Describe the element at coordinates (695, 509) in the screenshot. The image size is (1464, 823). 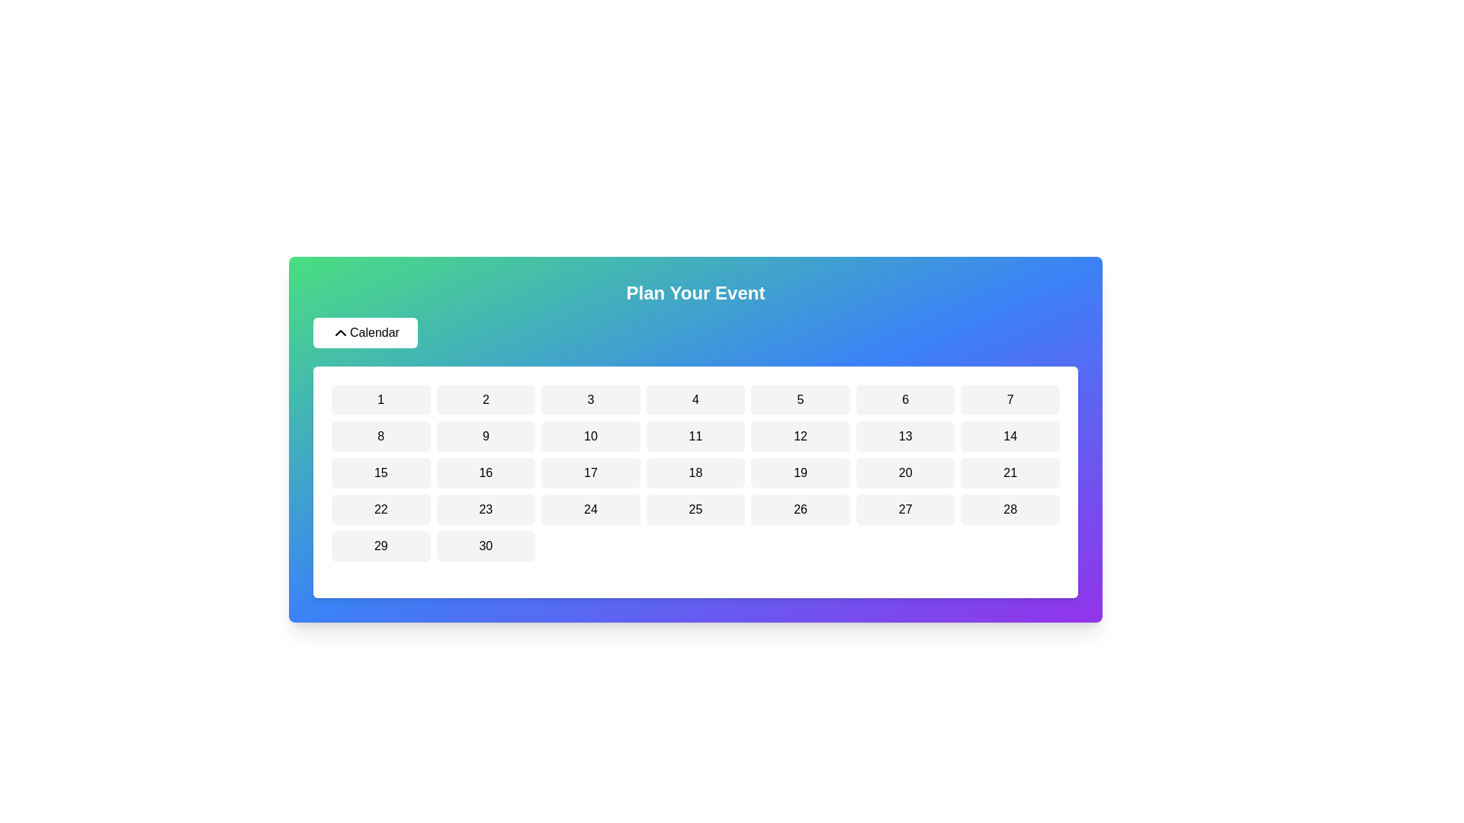
I see `the selectable date button for '25' located in the fifth row and fourth column of the calendar under 'Plan Your Event'` at that location.